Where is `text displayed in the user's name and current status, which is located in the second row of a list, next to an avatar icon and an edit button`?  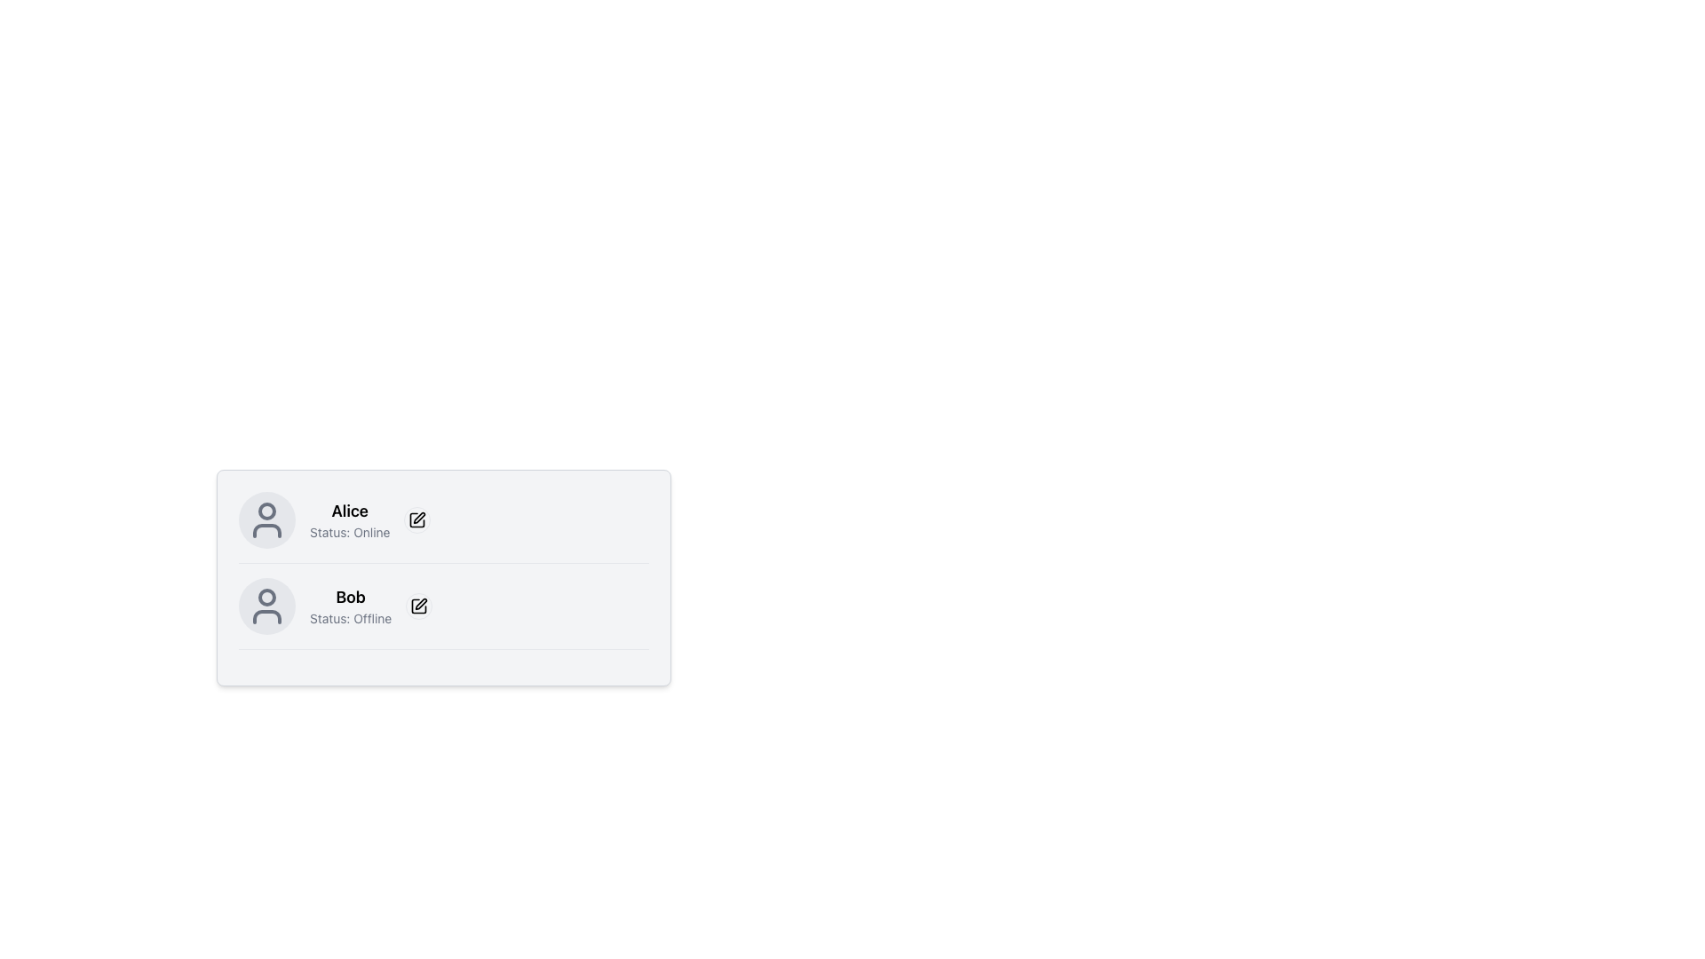
text displayed in the user's name and current status, which is located in the second row of a list, next to an avatar icon and an edit button is located at coordinates (351, 605).